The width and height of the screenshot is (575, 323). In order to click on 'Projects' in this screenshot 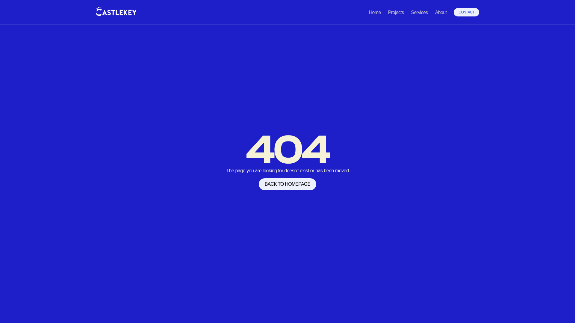, I will do `click(396, 12)`.